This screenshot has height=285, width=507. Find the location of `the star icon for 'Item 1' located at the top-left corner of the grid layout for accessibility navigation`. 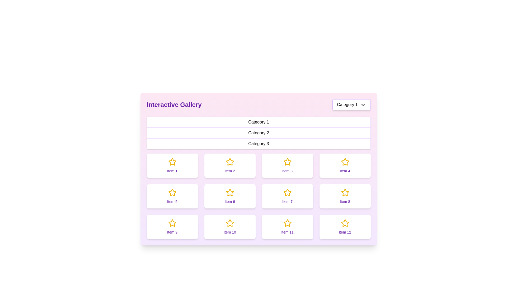

the star icon for 'Item 1' located at the top-left corner of the grid layout for accessibility navigation is located at coordinates (172, 161).